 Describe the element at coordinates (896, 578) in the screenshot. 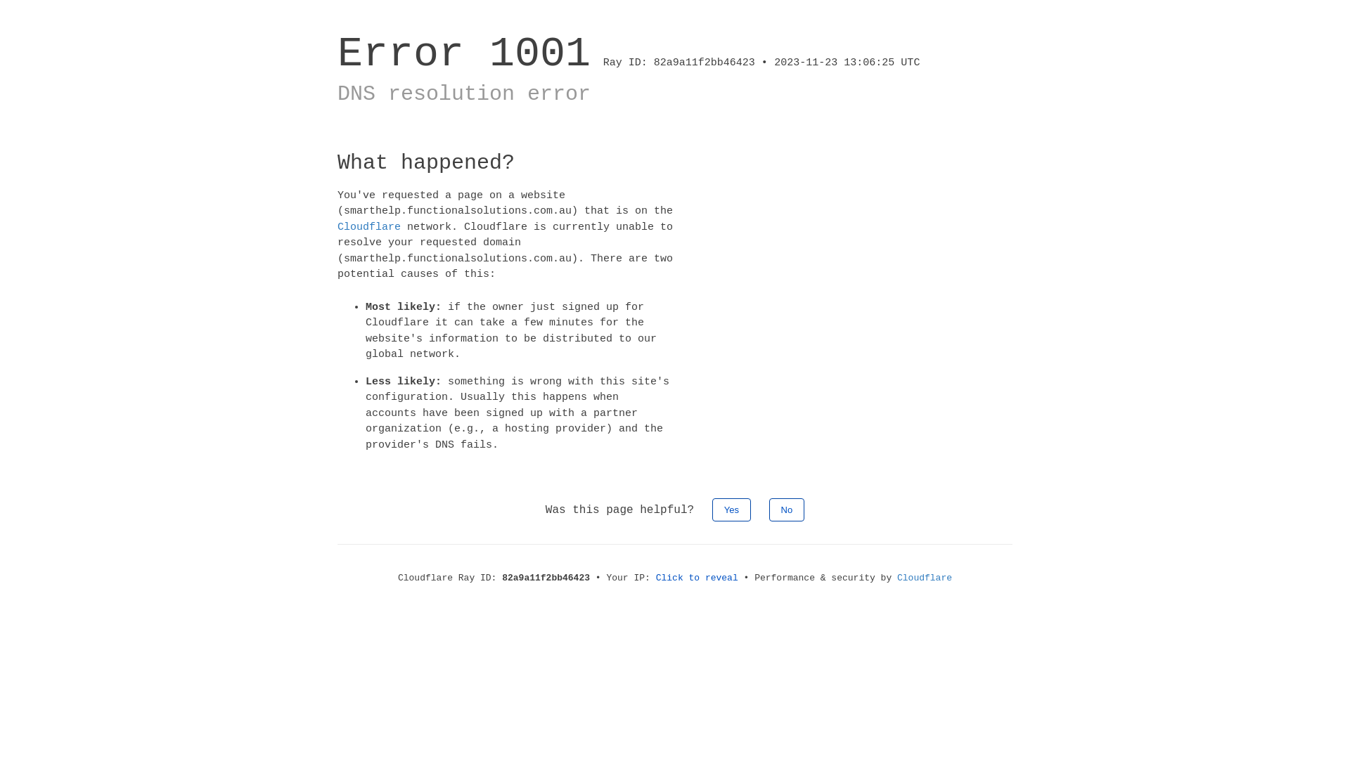

I see `'Cloudflare'` at that location.